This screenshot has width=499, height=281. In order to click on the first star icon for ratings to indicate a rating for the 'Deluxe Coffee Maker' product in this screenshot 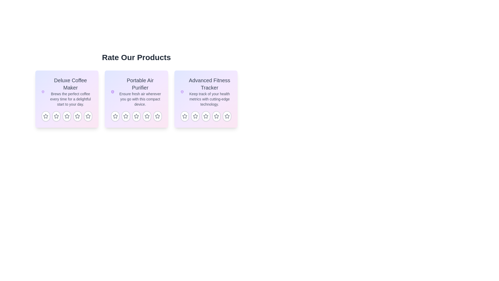, I will do `click(46, 116)`.